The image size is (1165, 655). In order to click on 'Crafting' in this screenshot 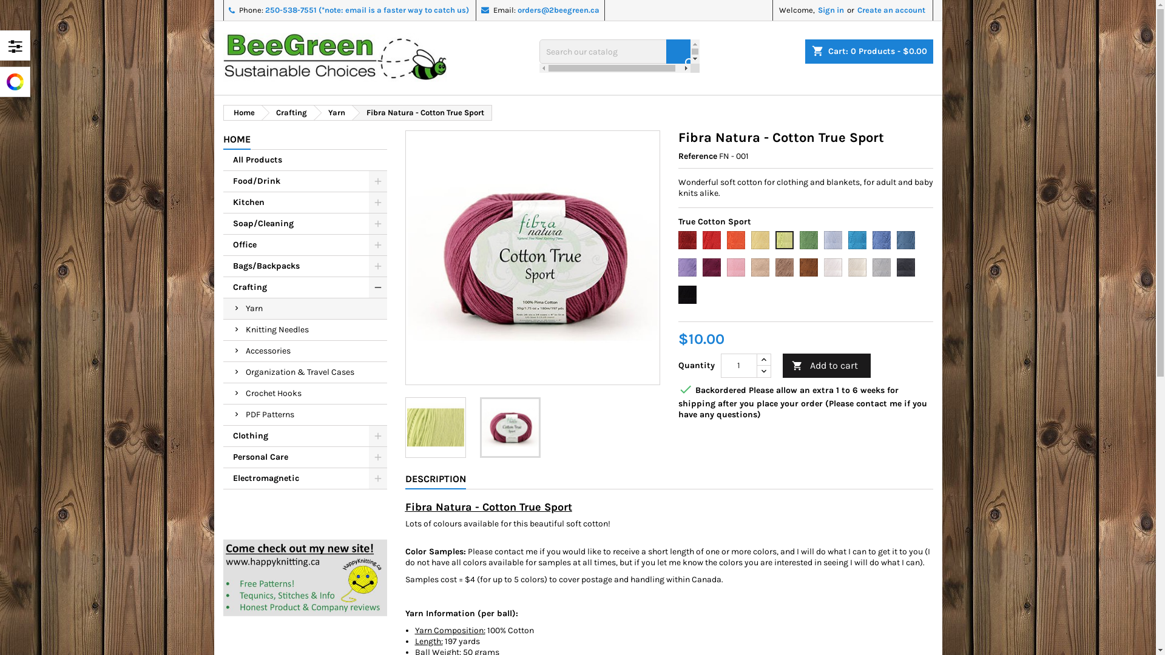, I will do `click(286, 112)`.